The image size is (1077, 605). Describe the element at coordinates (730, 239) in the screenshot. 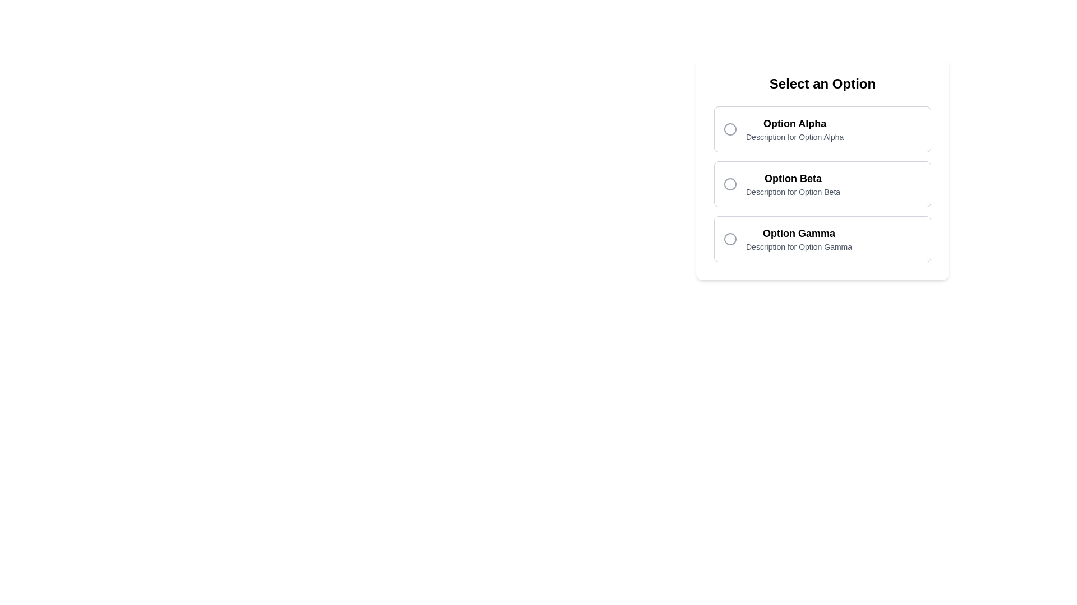

I see `the circular option icon for 'Option Gamma', which is styled with a gray stroke and has a radius of 10 units` at that location.